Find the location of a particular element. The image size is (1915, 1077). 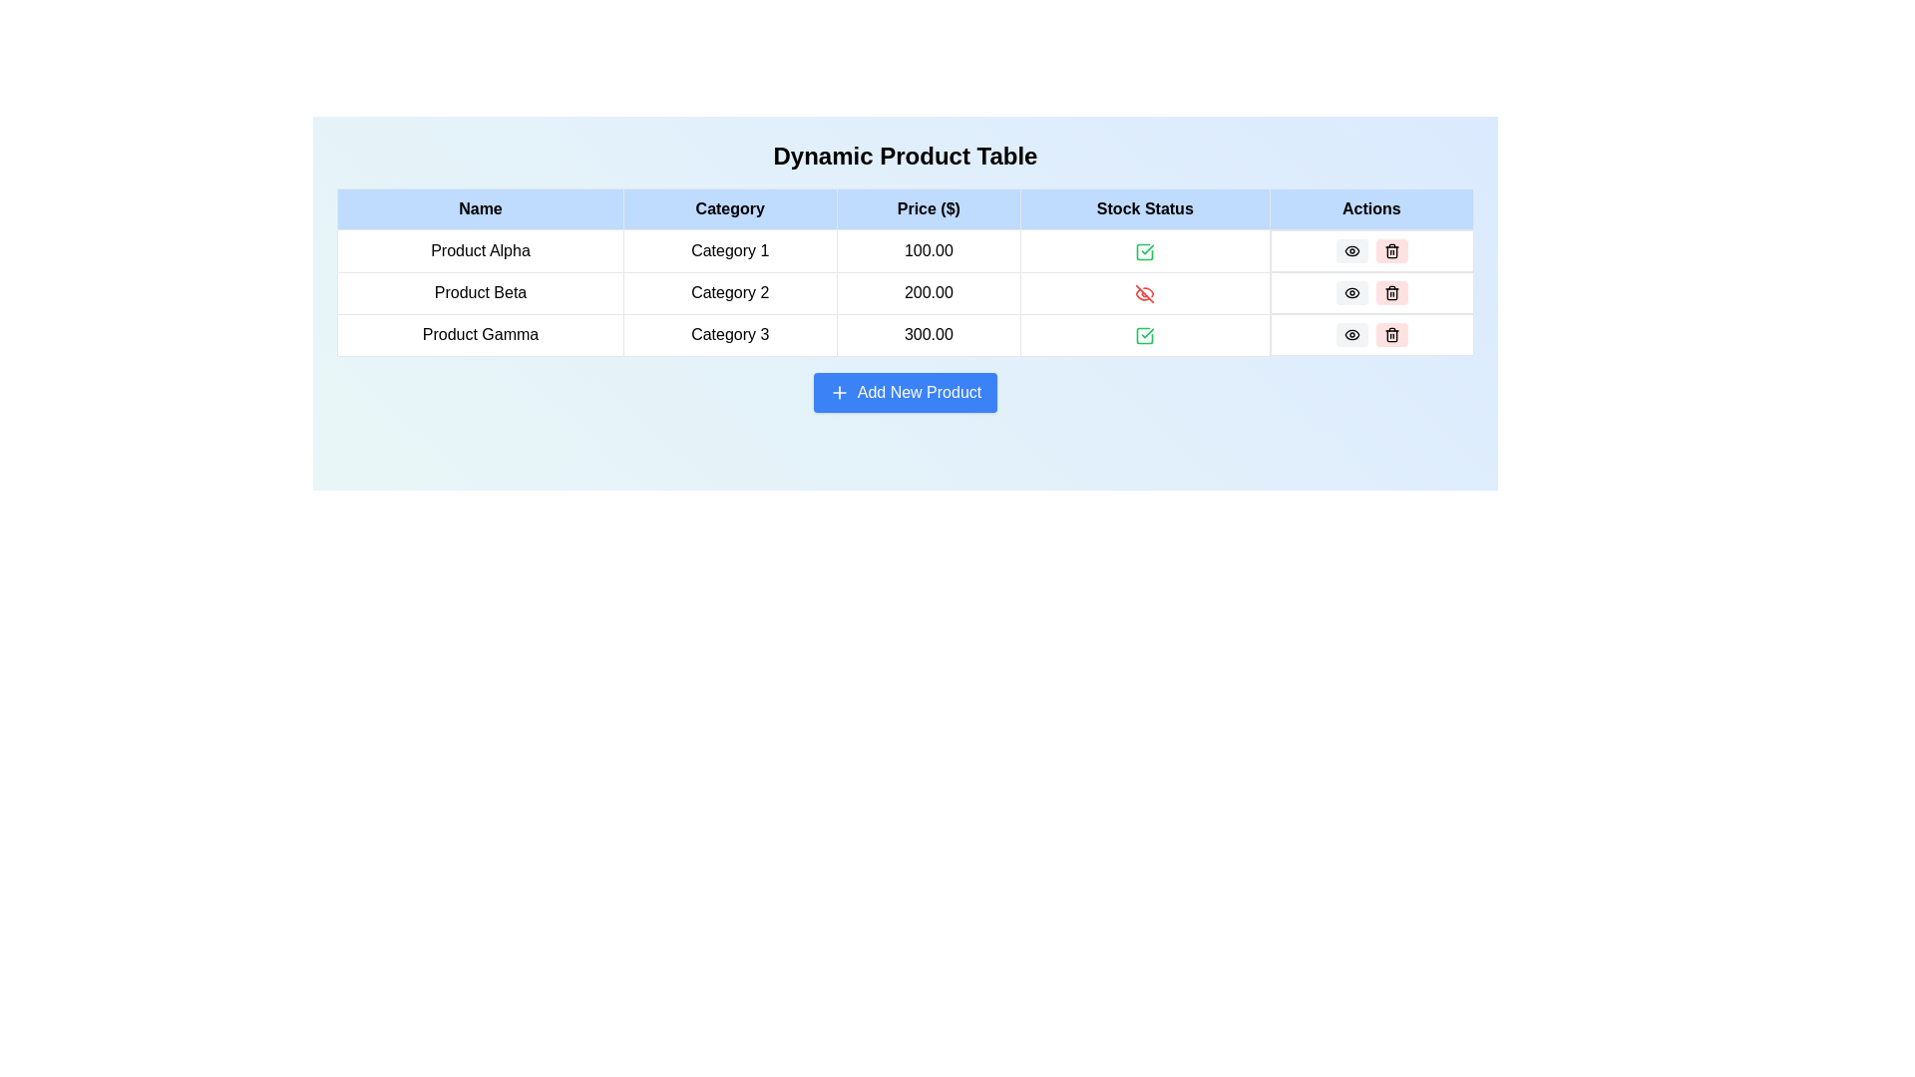

the table cell displaying '300.00' in the 'Price' column of the data table for 'Product Gamma' is located at coordinates (928, 333).